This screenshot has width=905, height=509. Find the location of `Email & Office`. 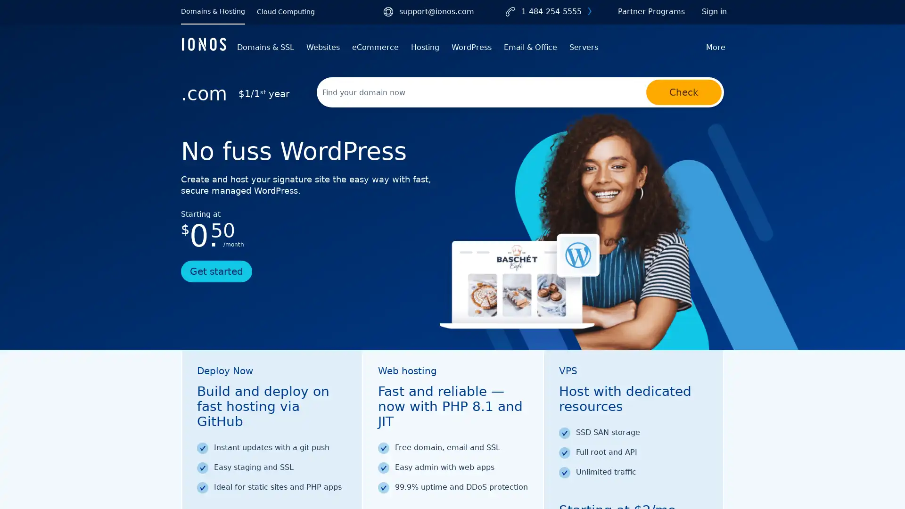

Email & Office is located at coordinates (530, 47).